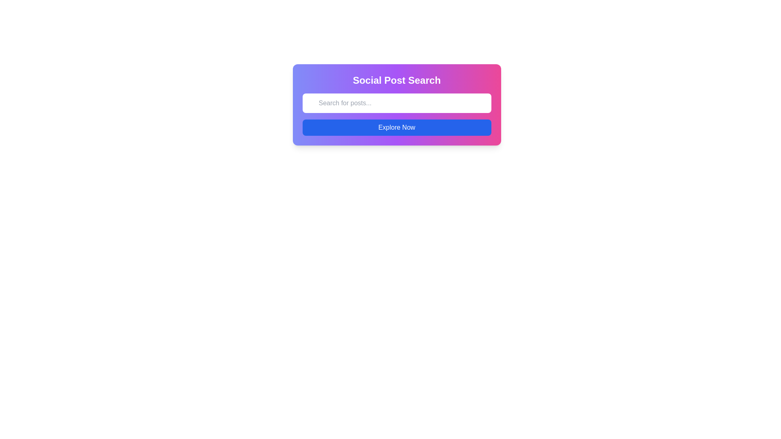 The width and height of the screenshot is (781, 439). I want to click on the blue button labeled 'Explore Now' with rounded corners, located below the text input and title 'Social Post Search', to initiate an action, so click(397, 127).